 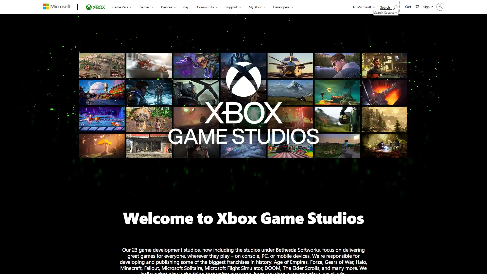 I want to click on Community, so click(x=207, y=7).